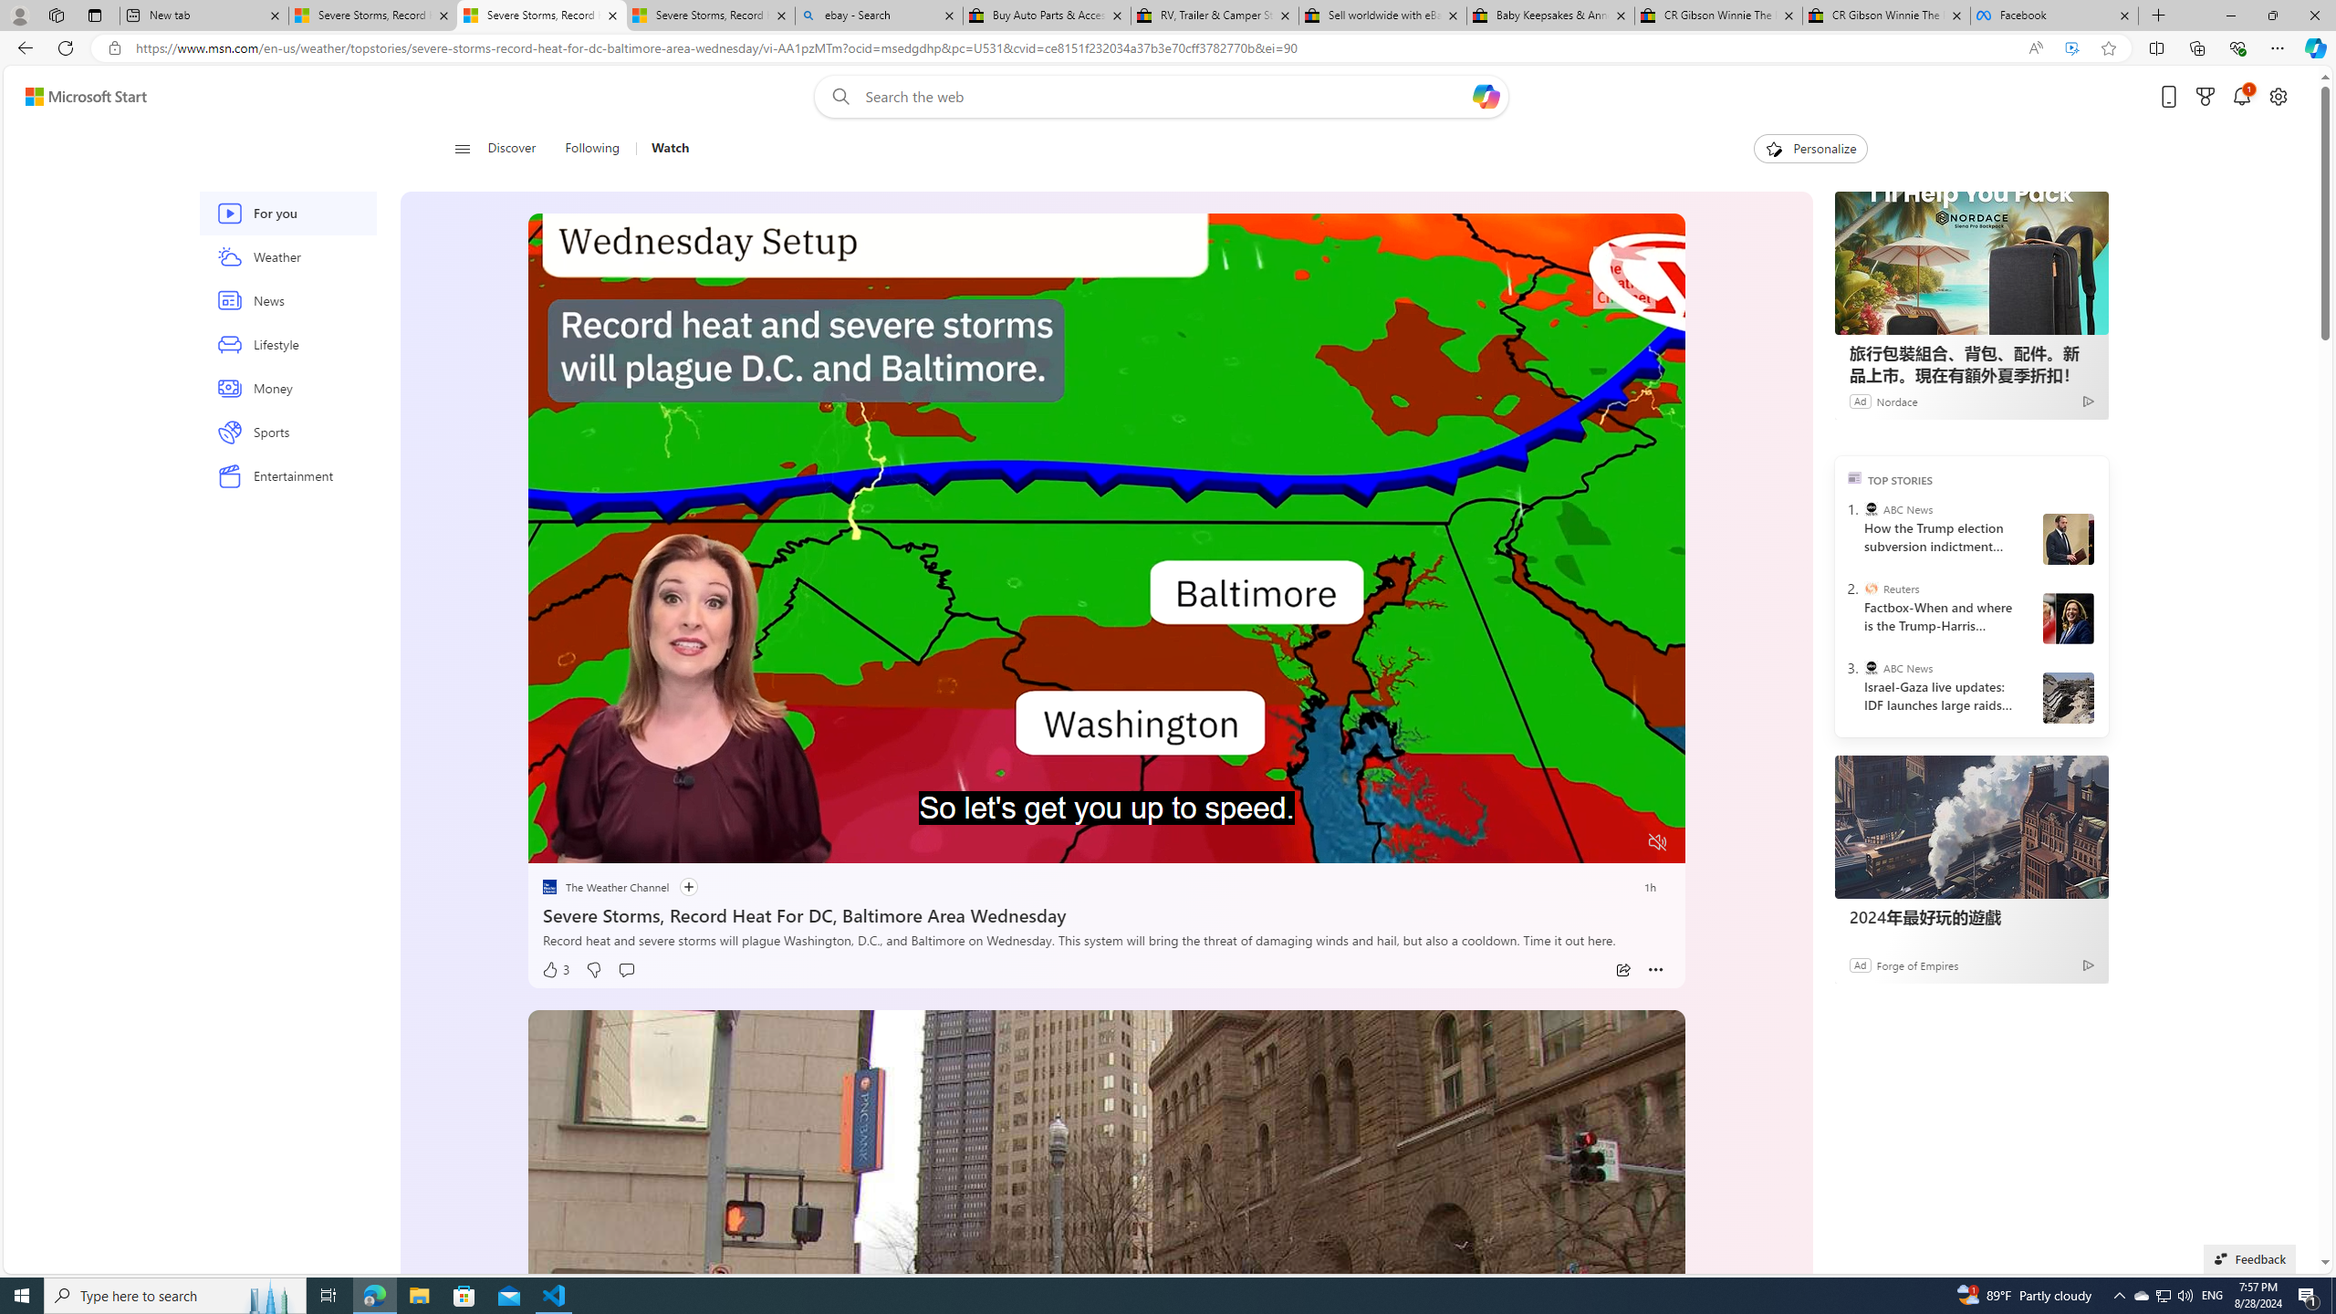 This screenshot has width=2336, height=1314. Describe the element at coordinates (1654, 969) in the screenshot. I see `'More'` at that location.